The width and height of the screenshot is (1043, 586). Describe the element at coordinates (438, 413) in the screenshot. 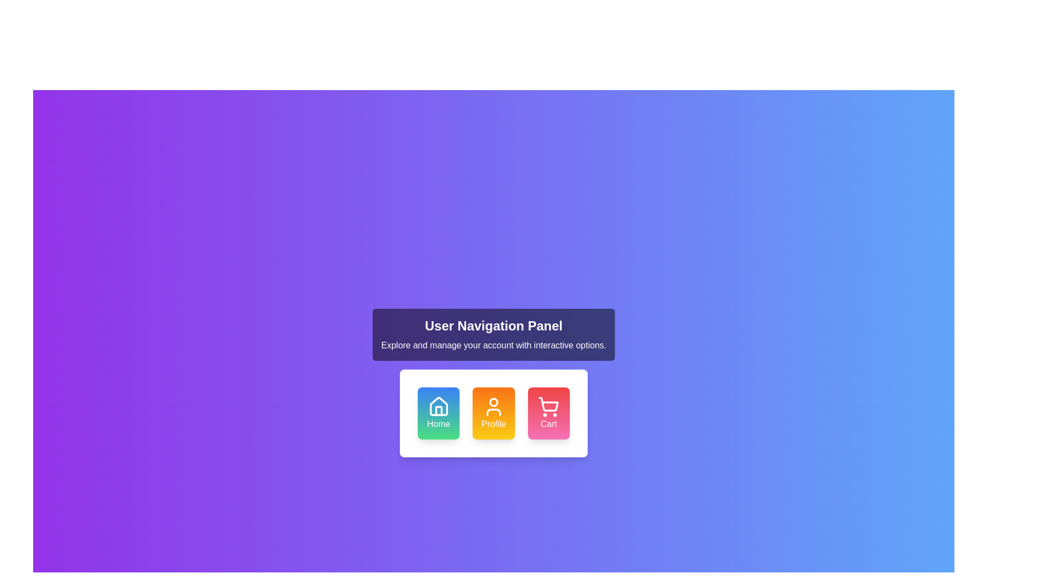

I see `the navigation button located beneath the 'User Navigation Panel' to observe its interactive styling` at that location.